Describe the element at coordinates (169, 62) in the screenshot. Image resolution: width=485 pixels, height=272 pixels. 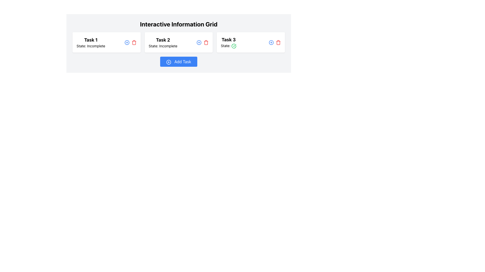
I see `the circular icon that represents the addition function, located to the left of the 'Add Task' button` at that location.